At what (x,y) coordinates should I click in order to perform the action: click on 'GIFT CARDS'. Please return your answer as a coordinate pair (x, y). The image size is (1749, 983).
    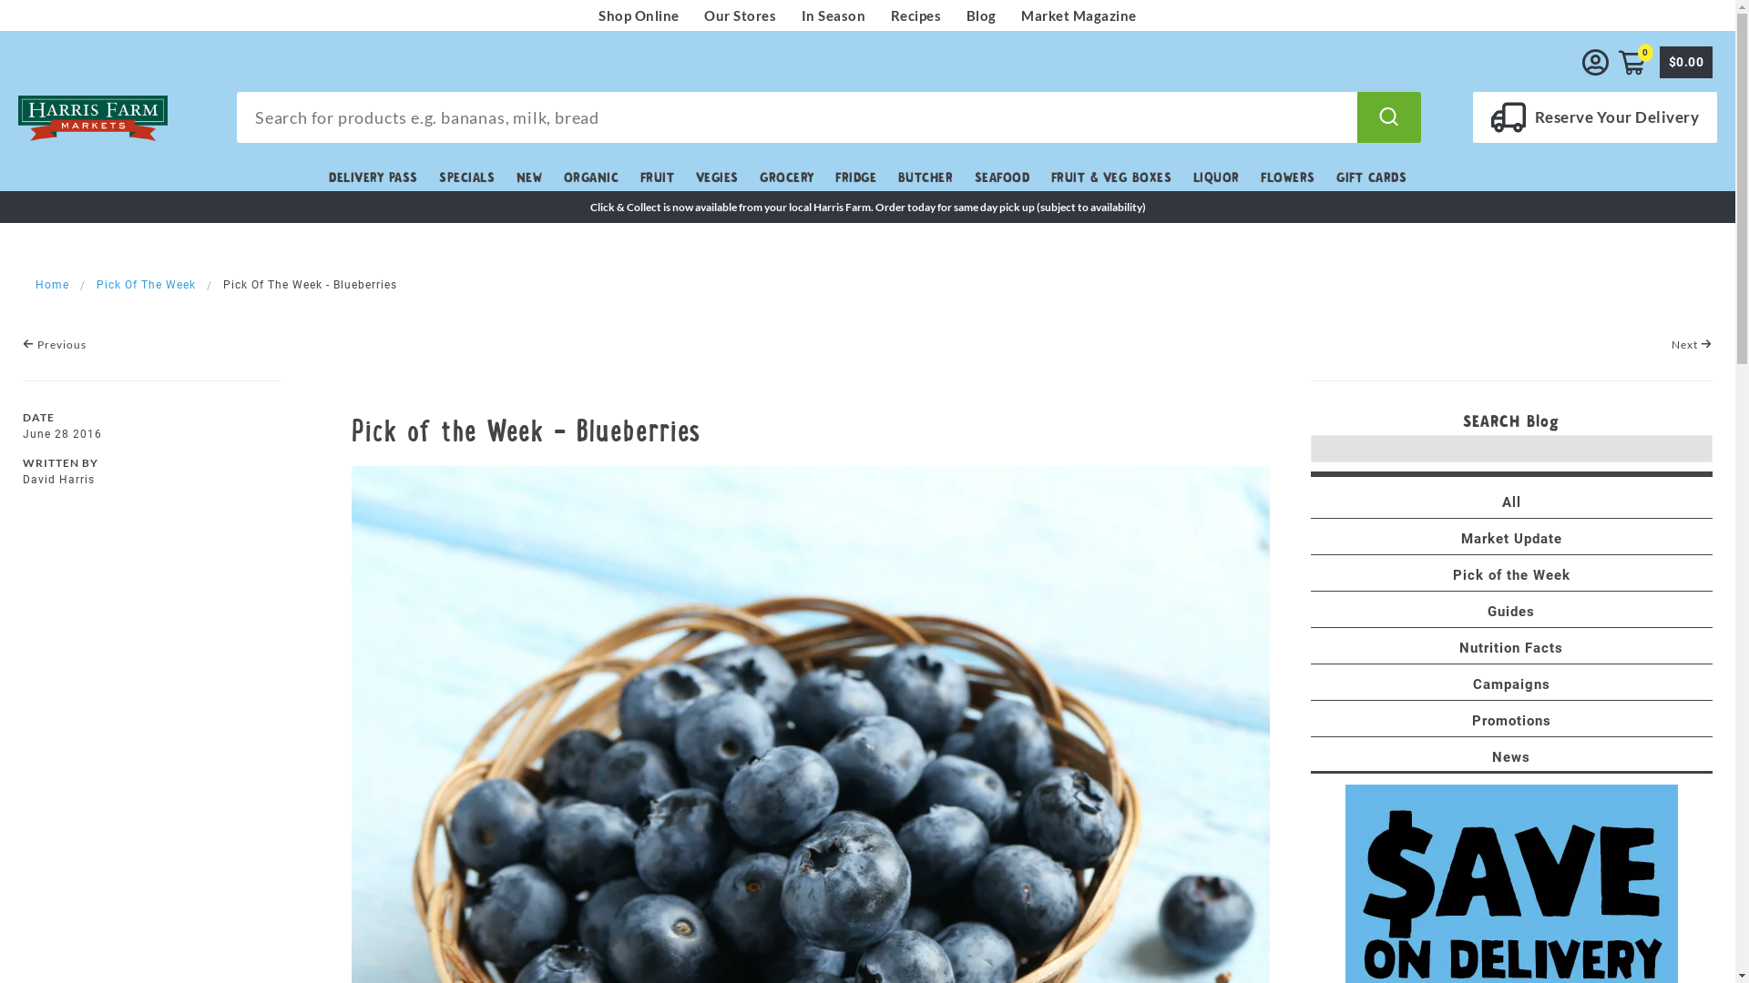
    Looking at the image, I should click on (1371, 177).